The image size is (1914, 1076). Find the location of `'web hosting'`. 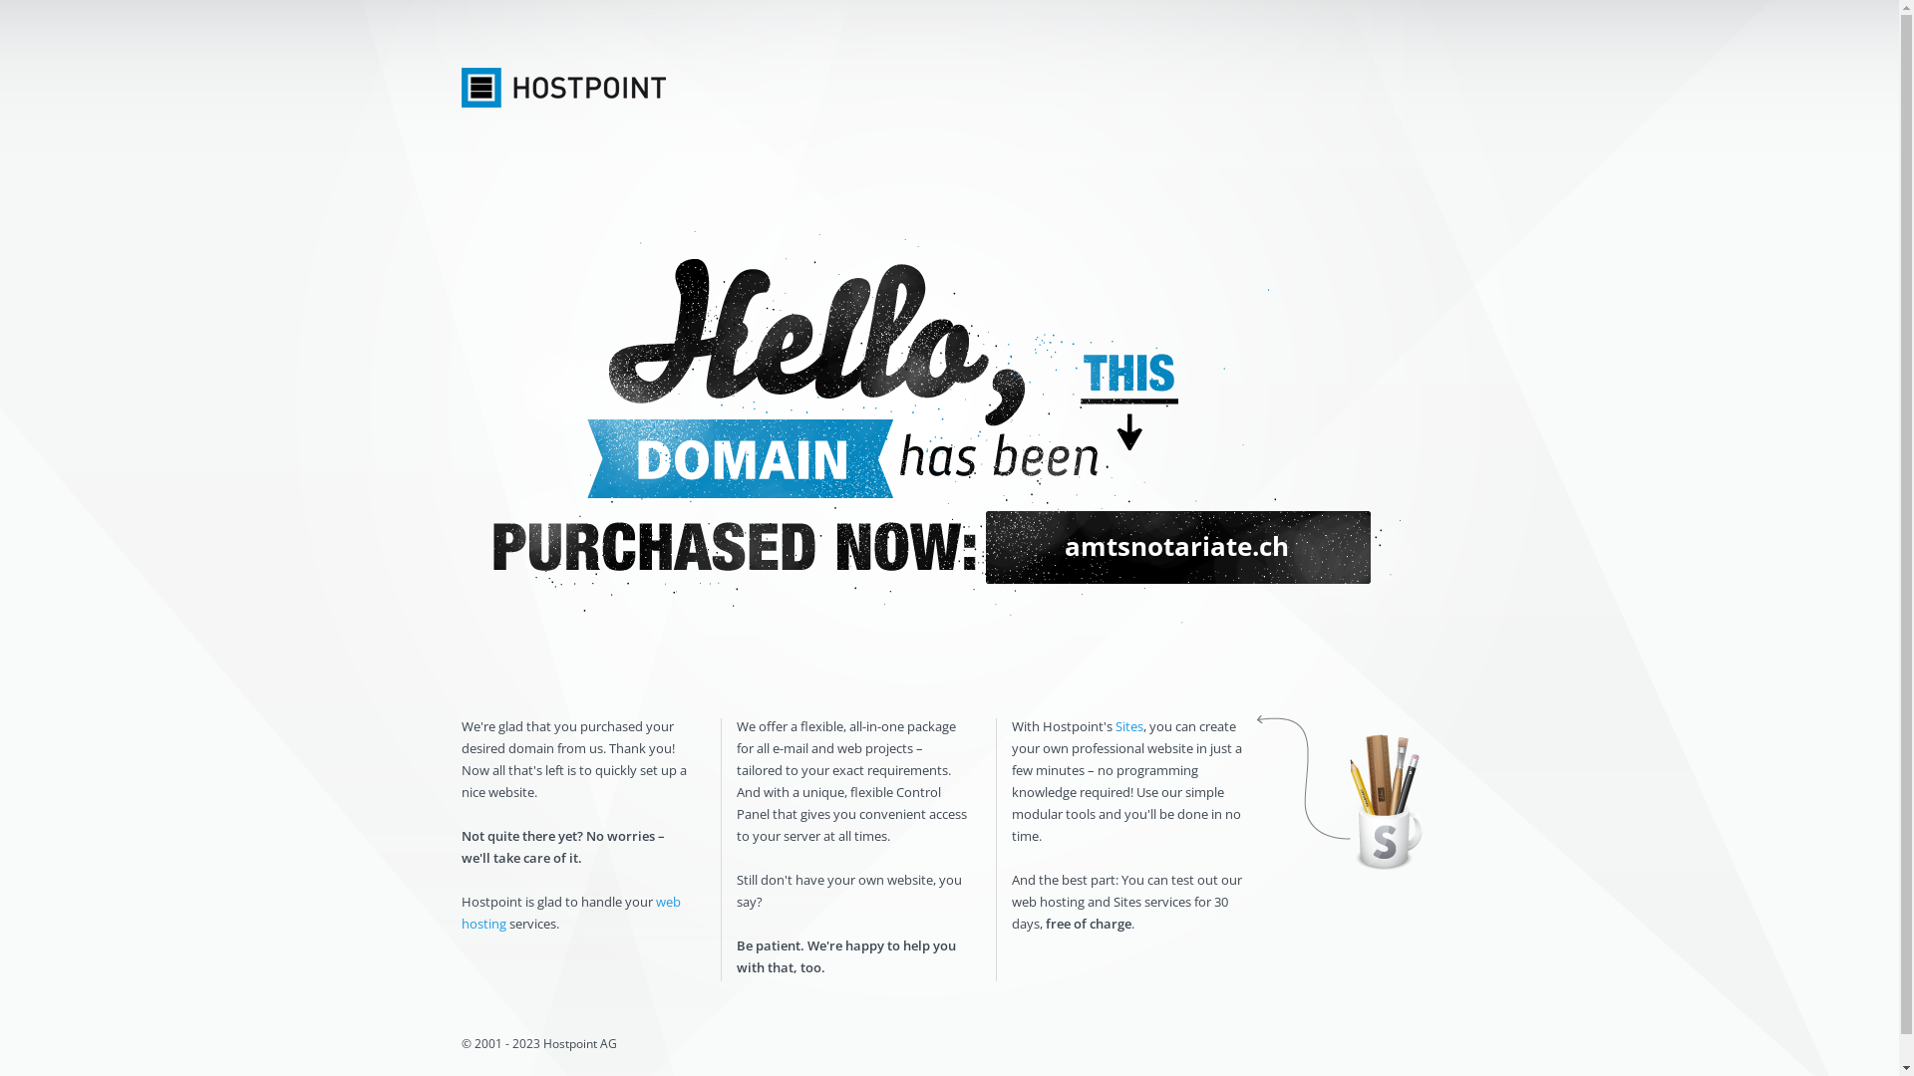

'web hosting' is located at coordinates (568, 912).